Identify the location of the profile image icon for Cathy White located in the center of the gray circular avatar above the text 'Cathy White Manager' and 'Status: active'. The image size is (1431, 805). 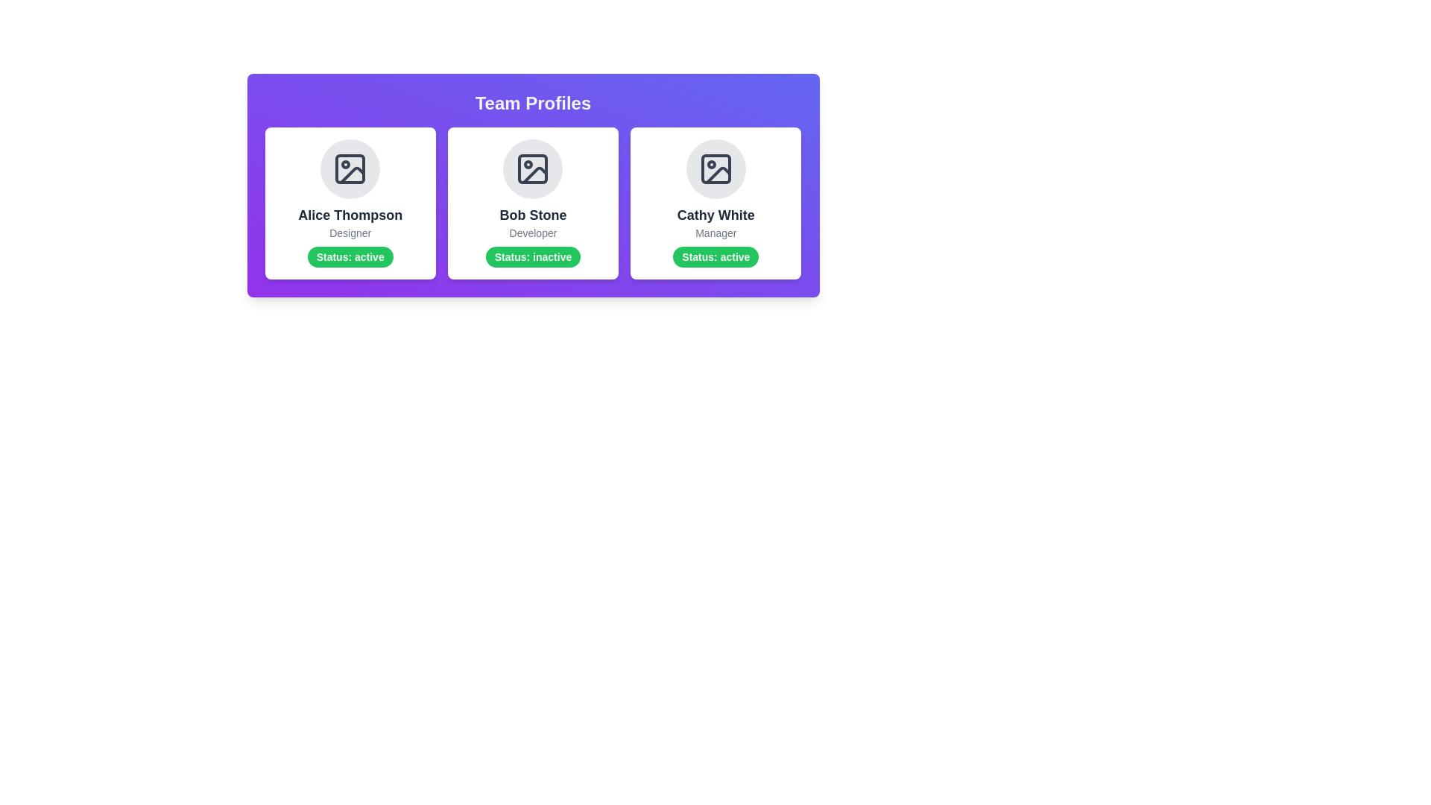
(715, 168).